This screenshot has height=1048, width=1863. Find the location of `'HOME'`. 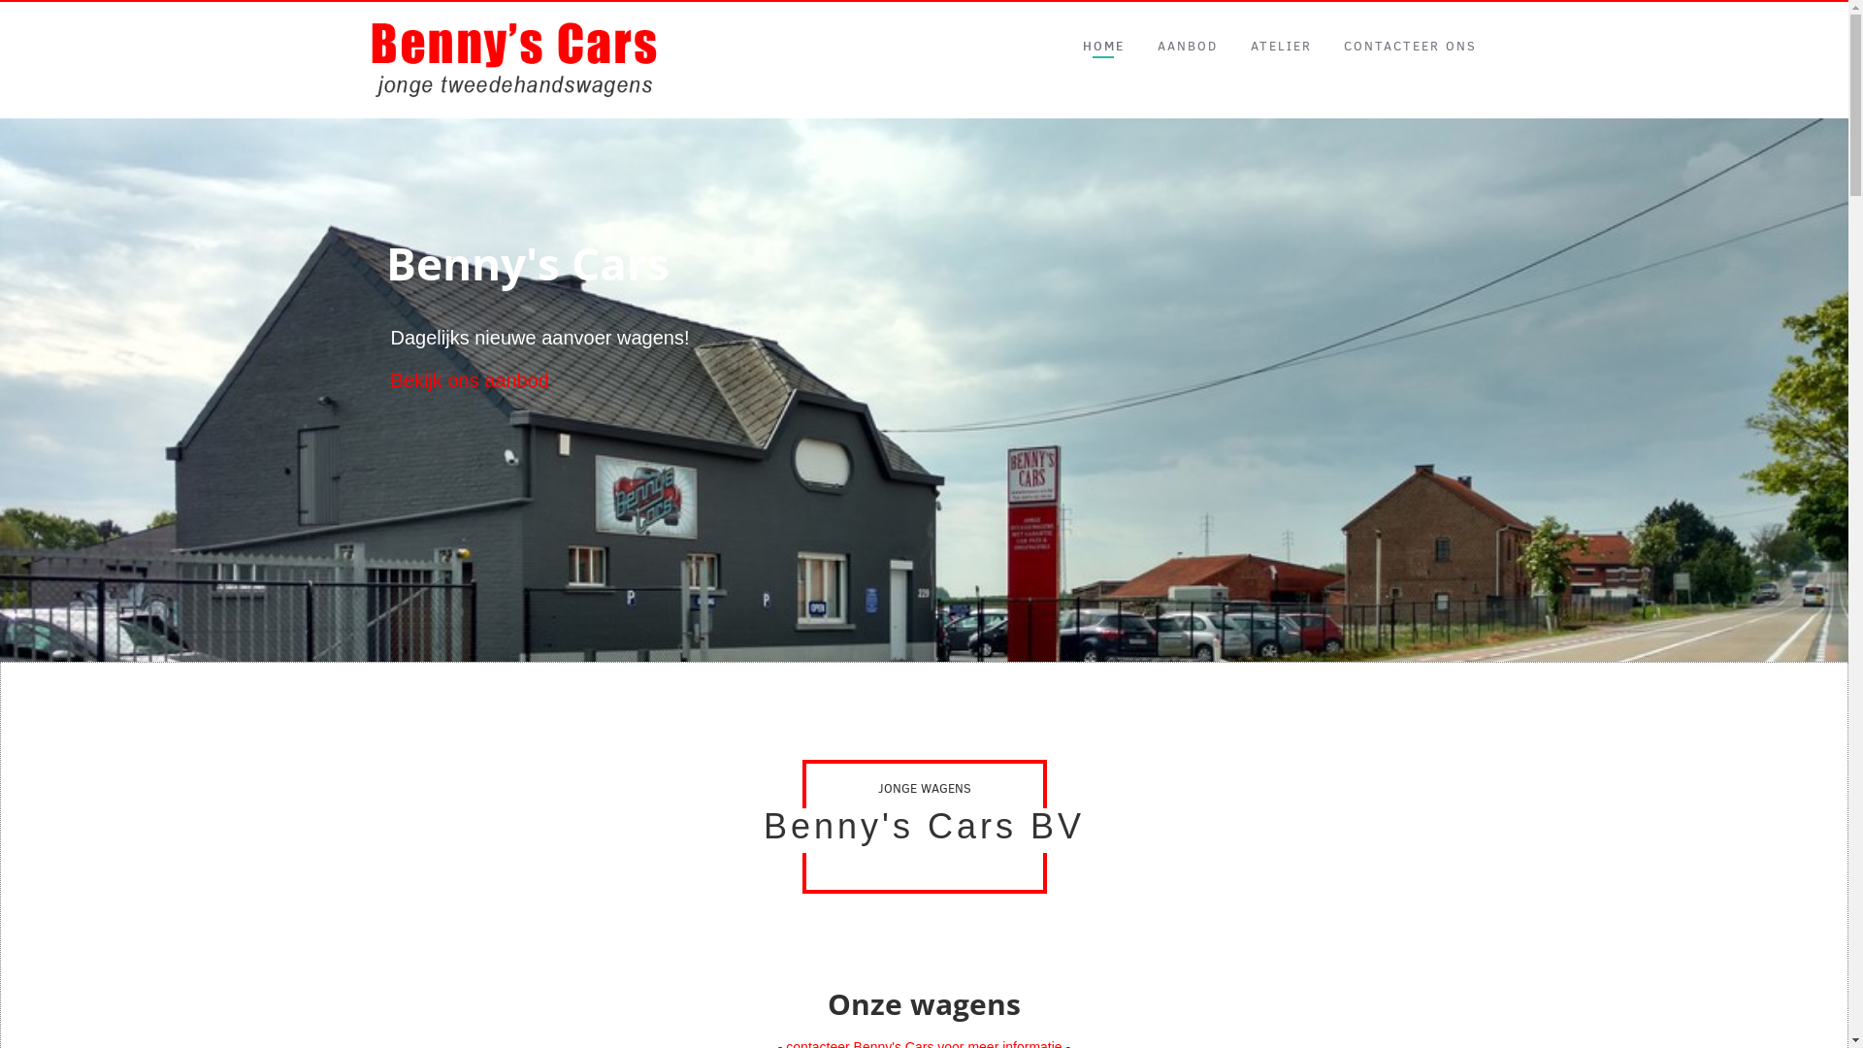

'HOME' is located at coordinates (1103, 44).